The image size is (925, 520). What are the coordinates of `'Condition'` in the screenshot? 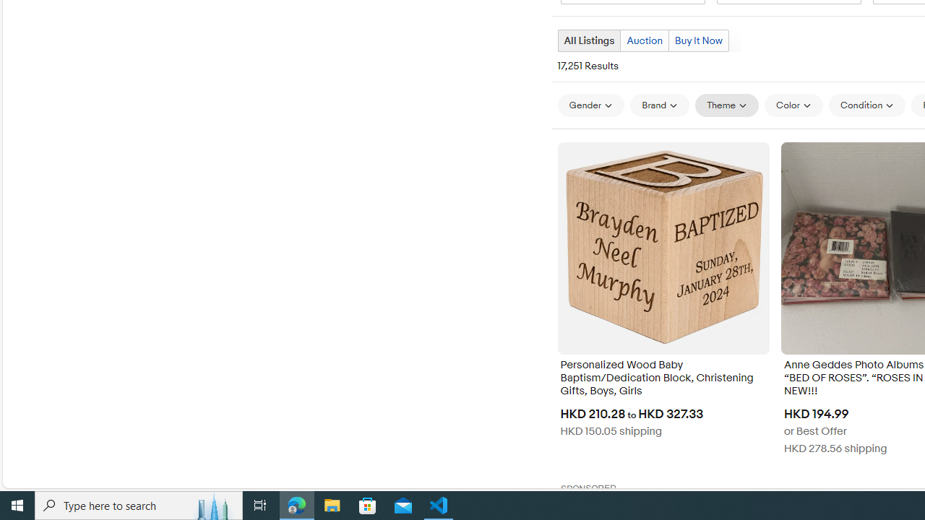 It's located at (867, 104).